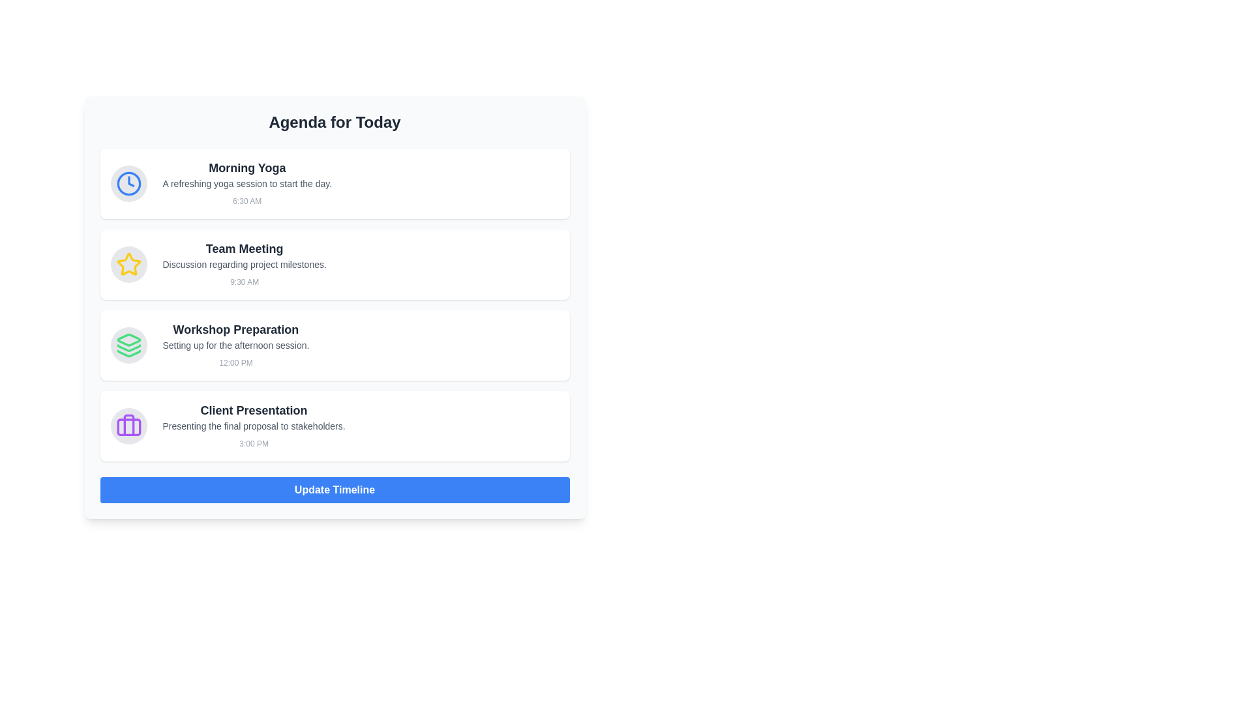 This screenshot has height=704, width=1252. Describe the element at coordinates (245, 264) in the screenshot. I see `the text label that reads 'Discussion regarding project milestones.' which is located under the title 'Team Meeting' in the vertical agenda list` at that location.